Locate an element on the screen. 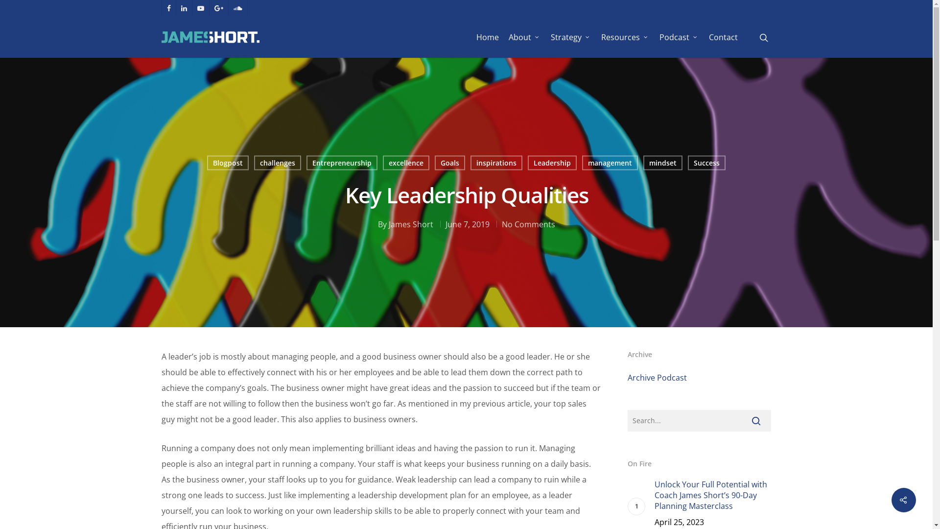 The height and width of the screenshot is (529, 940). 'mindset' is located at coordinates (643, 162).